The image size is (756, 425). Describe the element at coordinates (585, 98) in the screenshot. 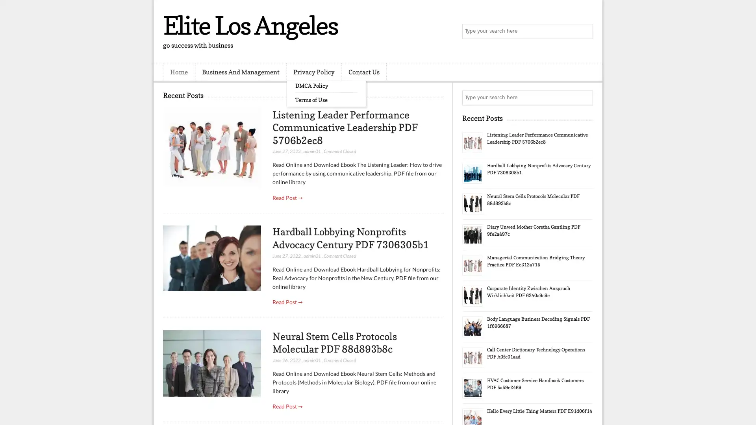

I see `Search` at that location.